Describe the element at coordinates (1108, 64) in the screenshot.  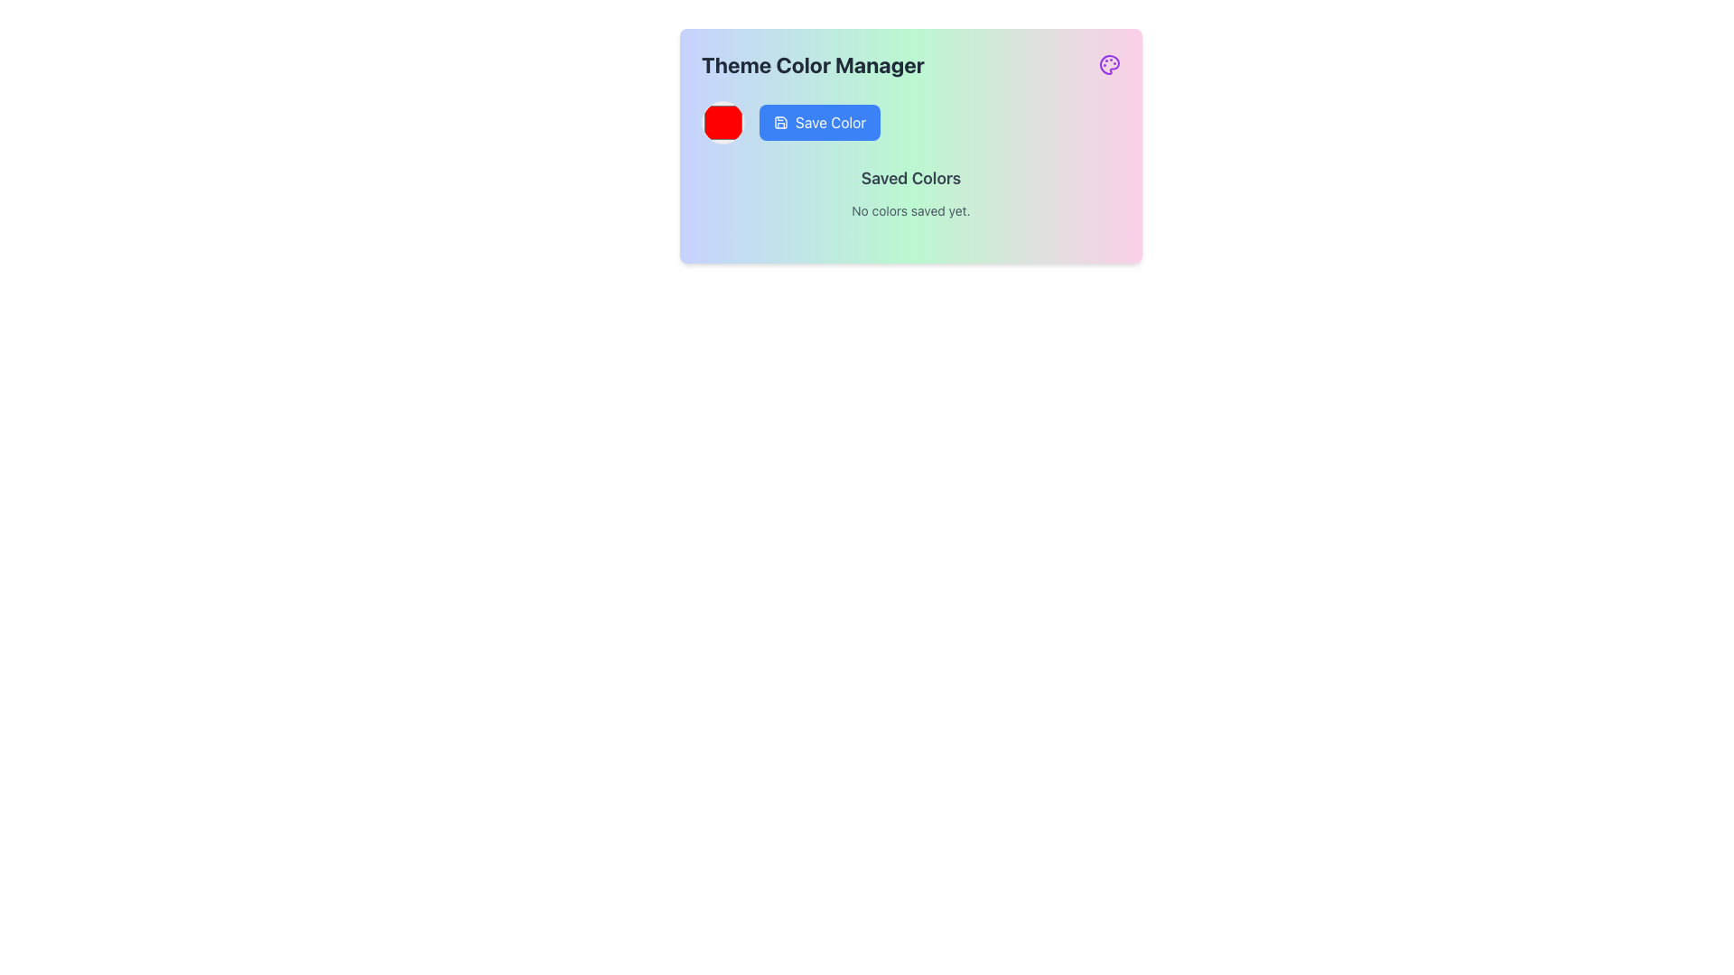
I see `the outer border of the palette icon, which is a circular SVG element with a purple hue located in the top-right corner of the 'Theme Color Manager' UI card` at that location.